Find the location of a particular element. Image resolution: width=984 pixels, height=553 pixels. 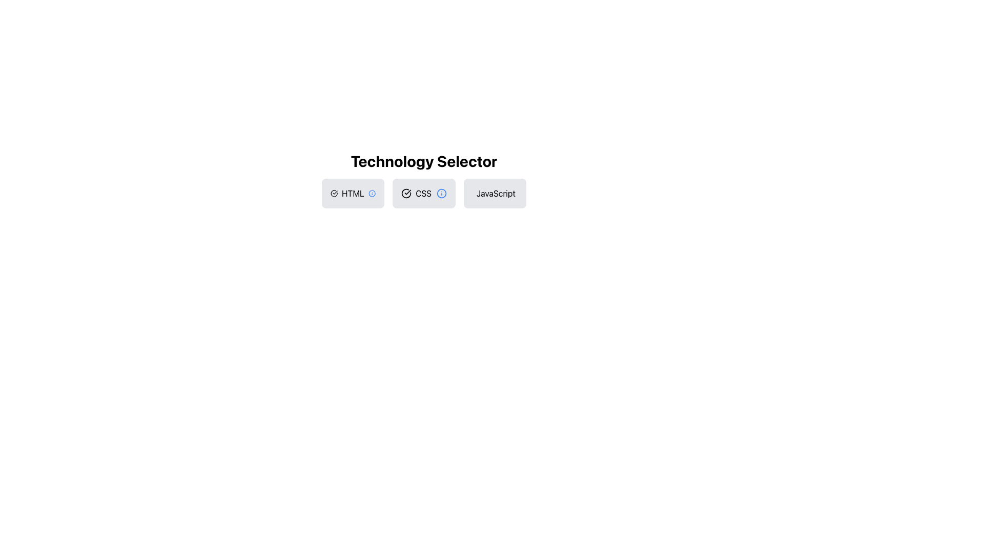

the 'JavaScript' button in the technology selection menu to observe the hover effect is located at coordinates (495, 194).